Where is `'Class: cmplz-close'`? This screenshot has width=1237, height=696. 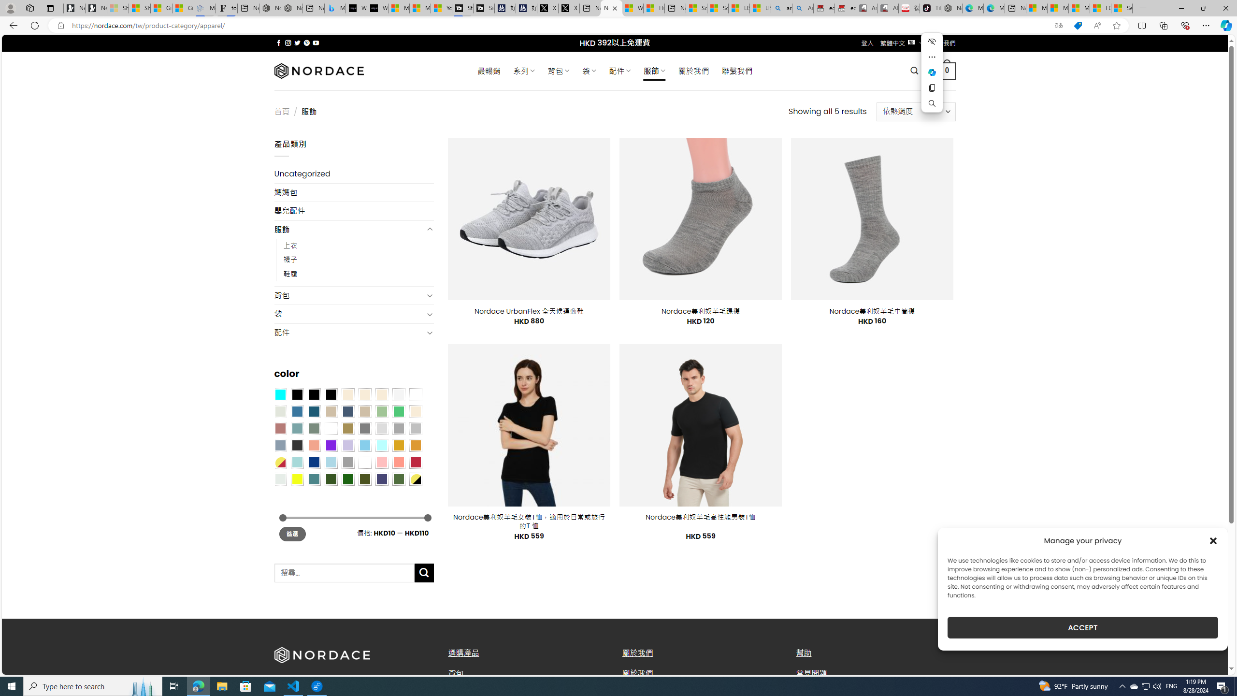
'Class: cmplz-close' is located at coordinates (1213, 540).